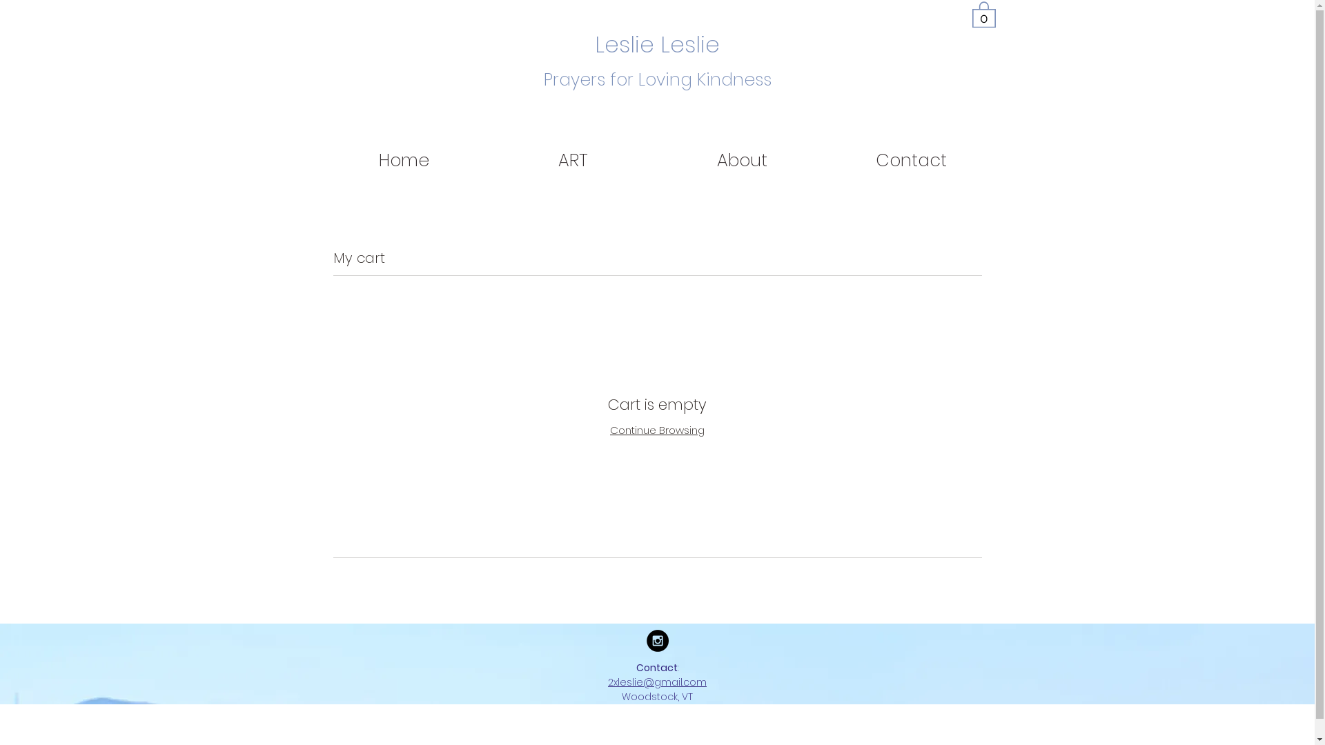  What do you see at coordinates (656, 159) in the screenshot?
I see `'About'` at bounding box center [656, 159].